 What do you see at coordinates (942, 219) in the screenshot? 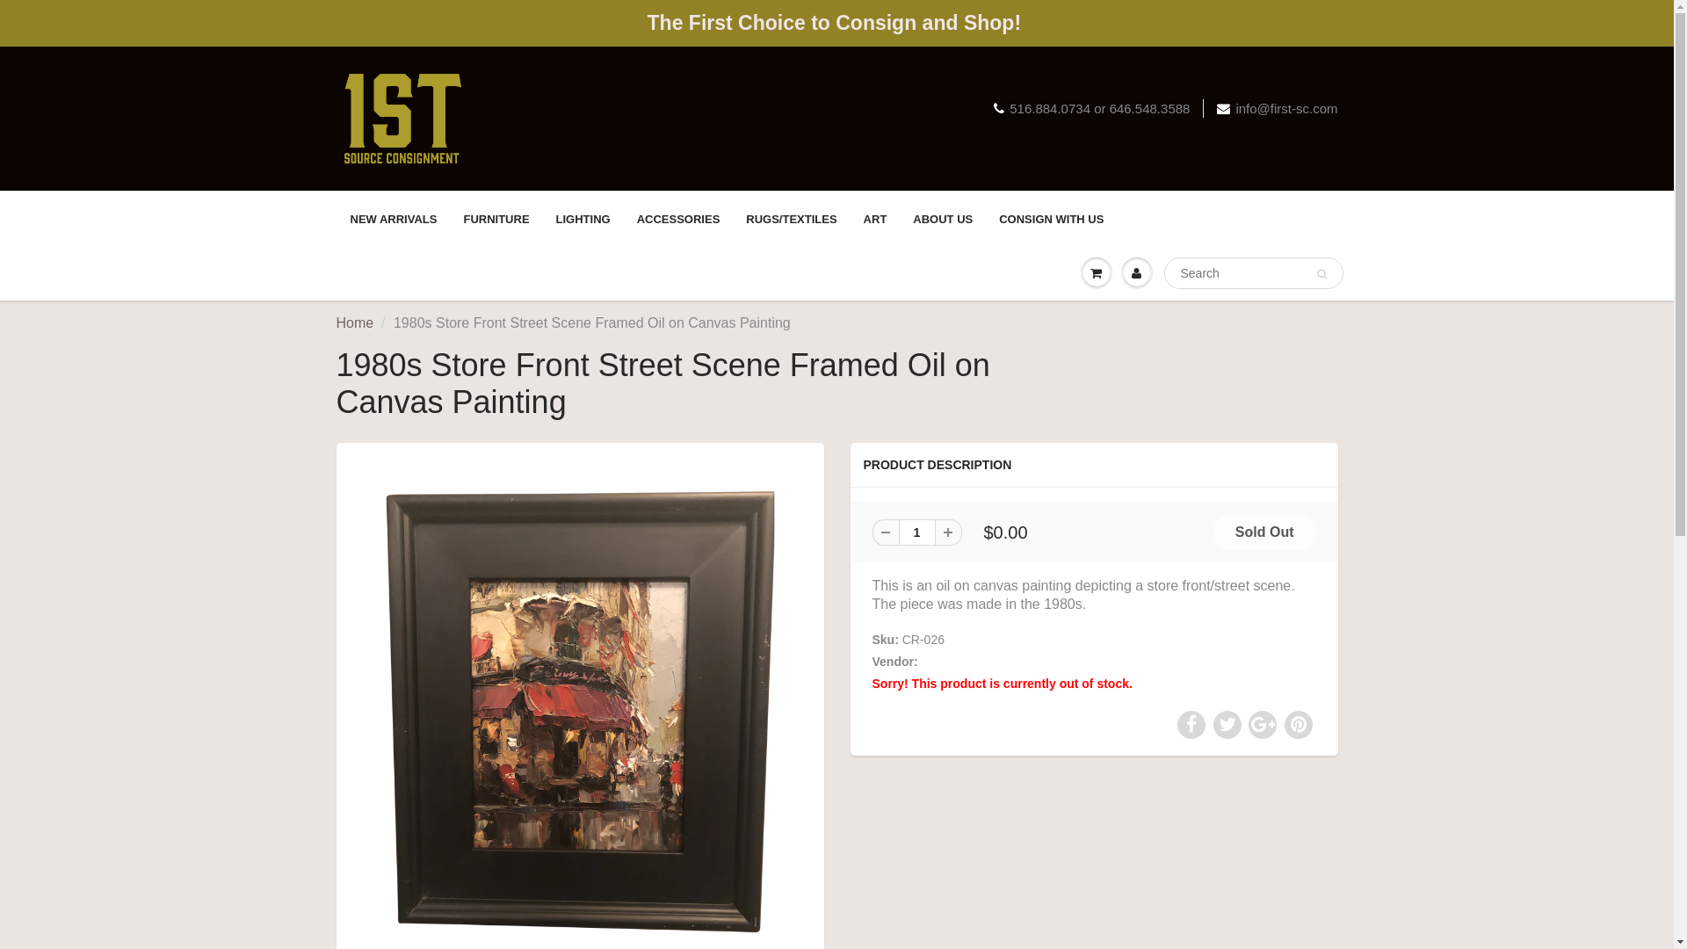
I see `'ABOUT US'` at bounding box center [942, 219].